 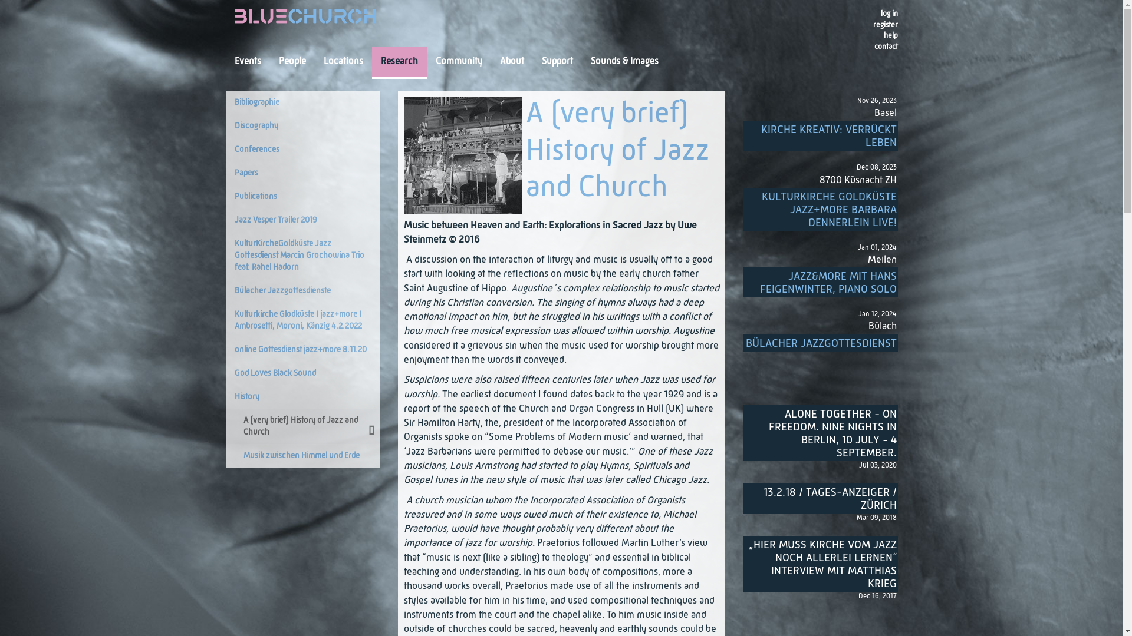 What do you see at coordinates (302, 373) in the screenshot?
I see `'God Loves Black Sound'` at bounding box center [302, 373].